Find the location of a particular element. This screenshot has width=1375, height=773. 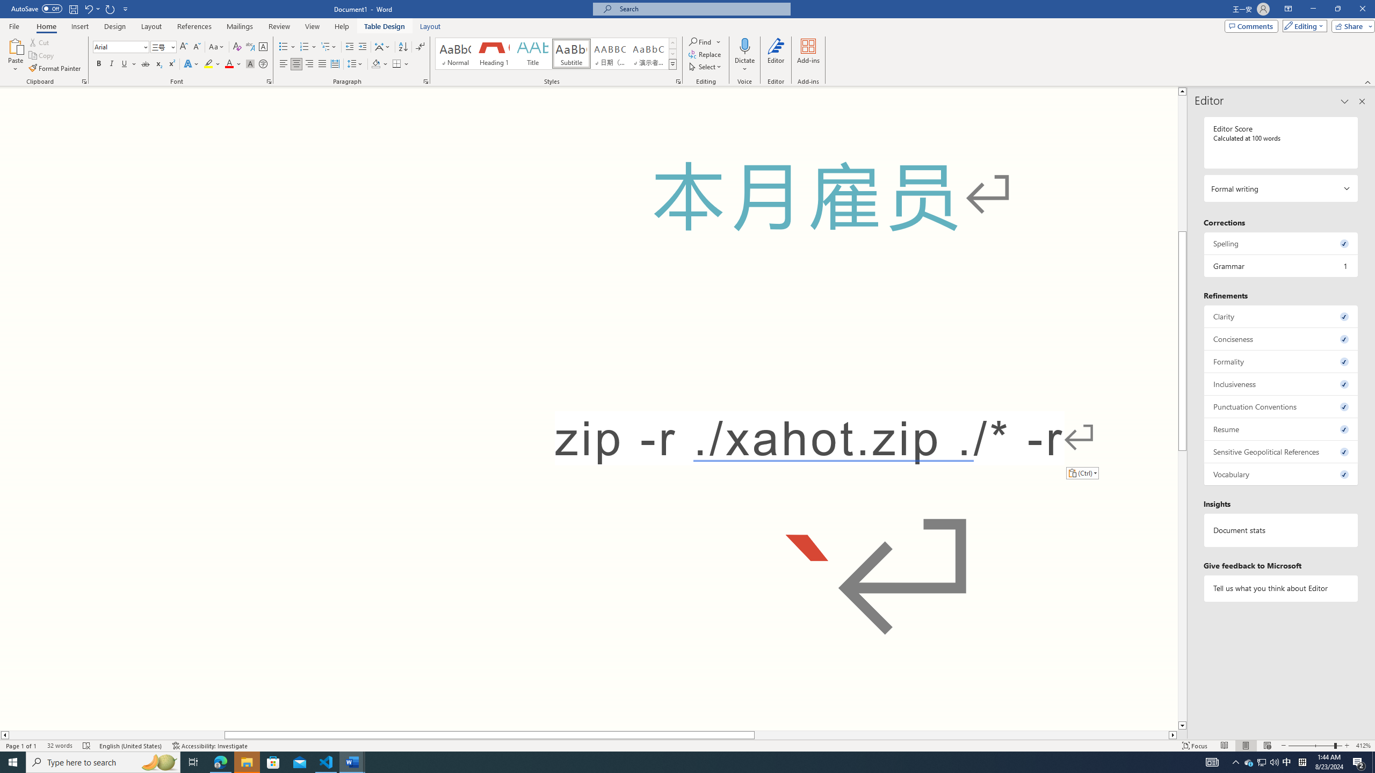

'Row up' is located at coordinates (672, 43).